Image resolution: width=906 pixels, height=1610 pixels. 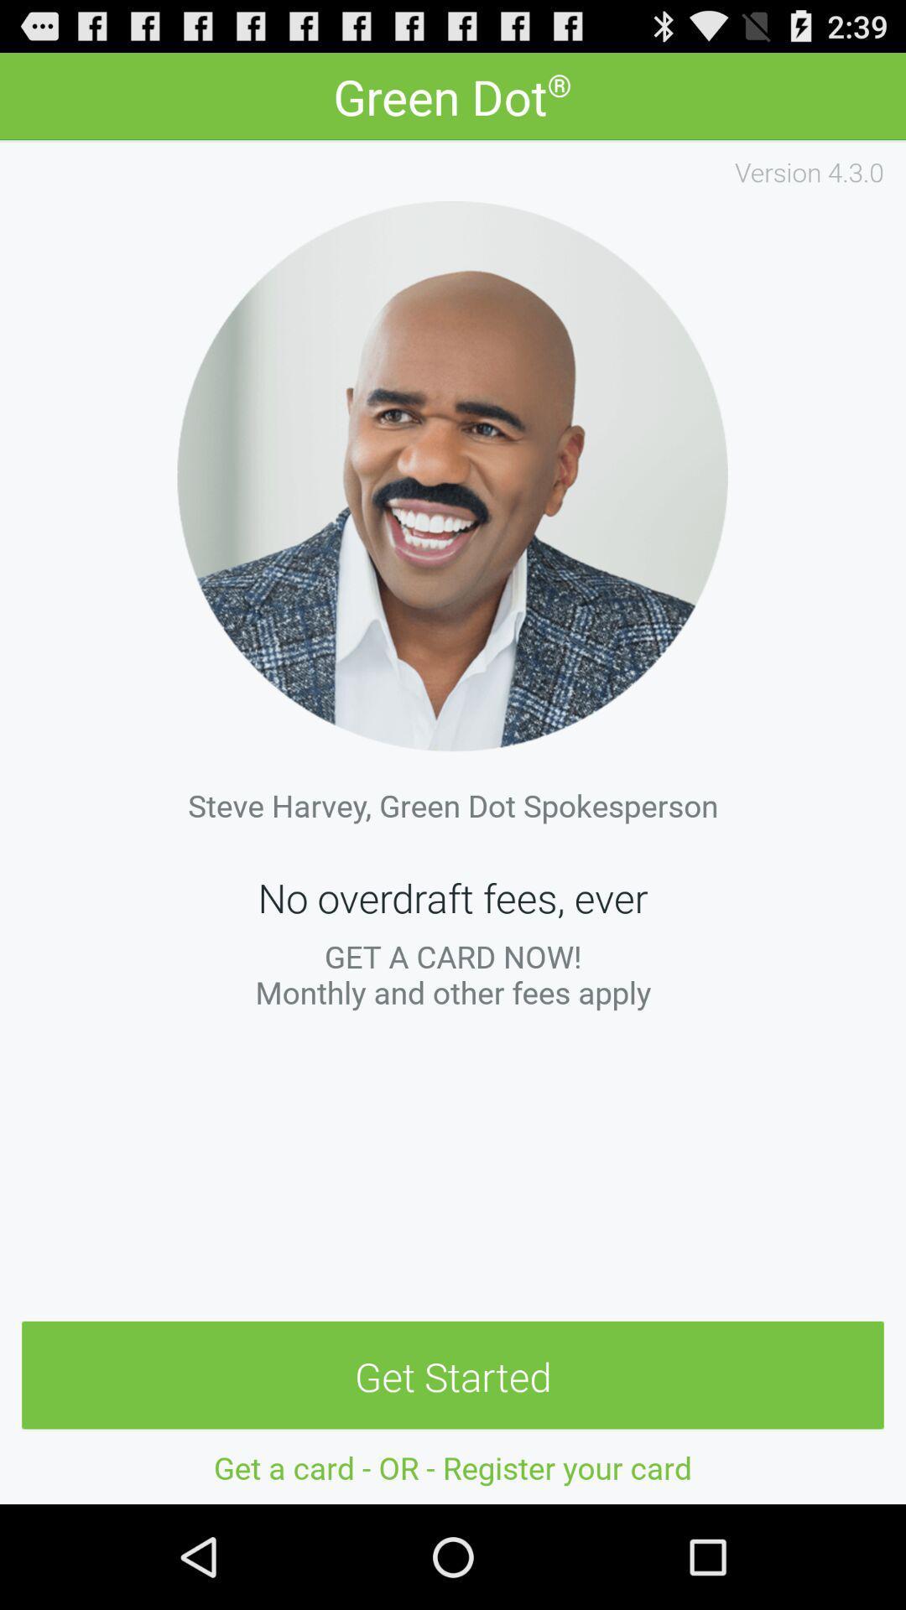 I want to click on the app below get a card item, so click(x=453, y=1376).